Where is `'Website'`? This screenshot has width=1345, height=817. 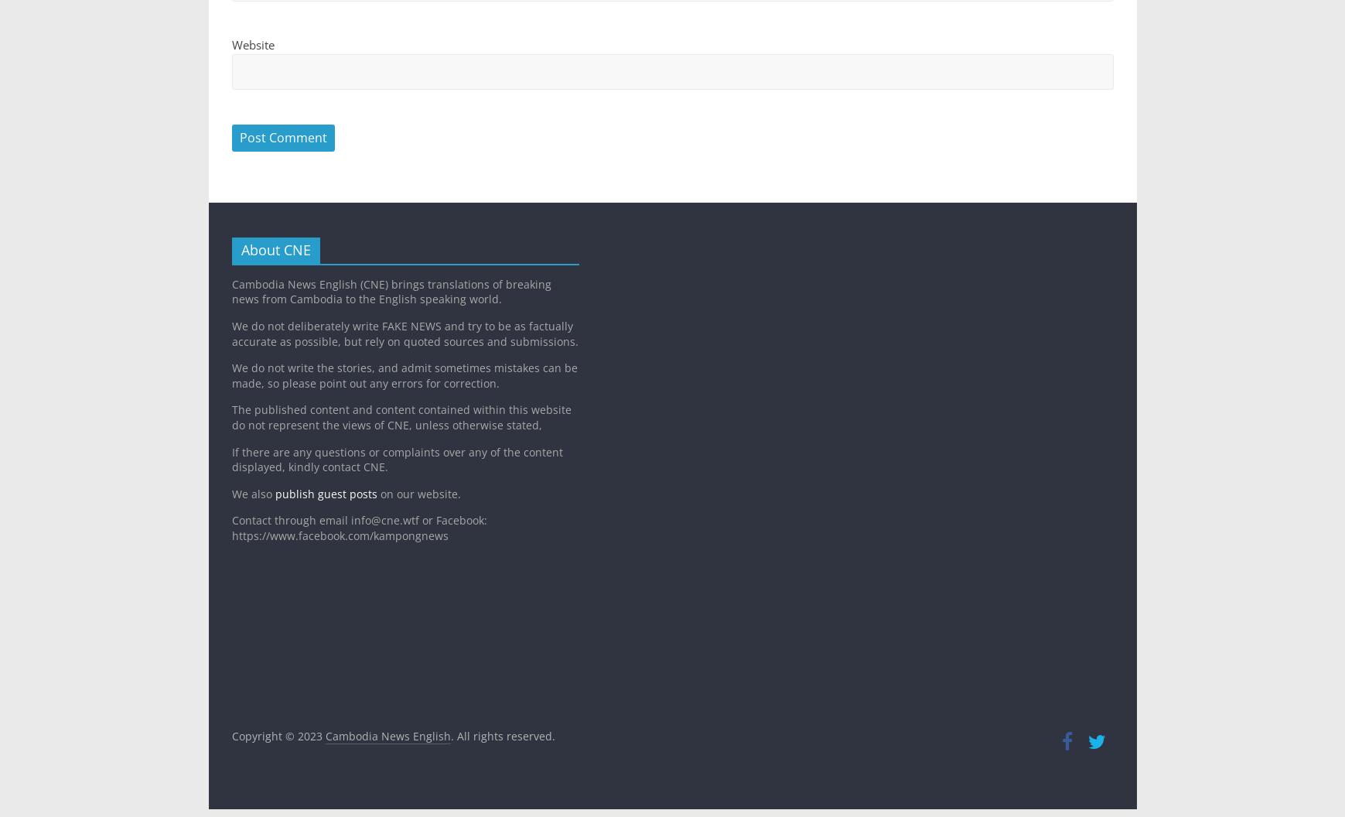 'Website' is located at coordinates (252, 44).